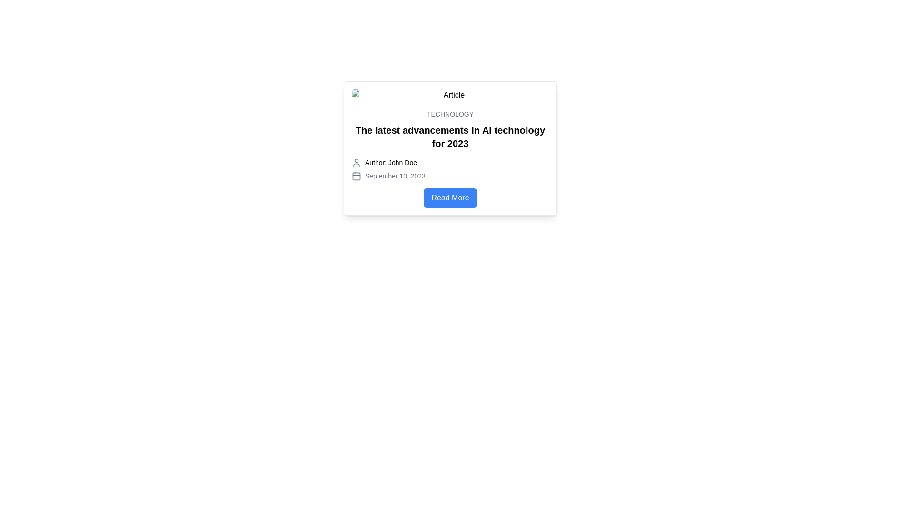  Describe the element at coordinates (356, 176) in the screenshot. I see `the calendar icon located to the left of the text 'September 10, 2023' for contextual action` at that location.